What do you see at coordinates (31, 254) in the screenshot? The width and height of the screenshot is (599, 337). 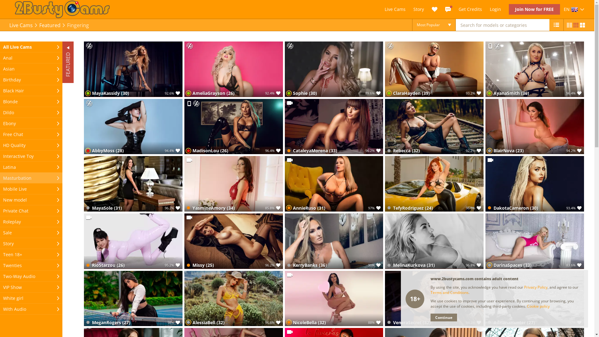 I see `'Teen 18+'` at bounding box center [31, 254].